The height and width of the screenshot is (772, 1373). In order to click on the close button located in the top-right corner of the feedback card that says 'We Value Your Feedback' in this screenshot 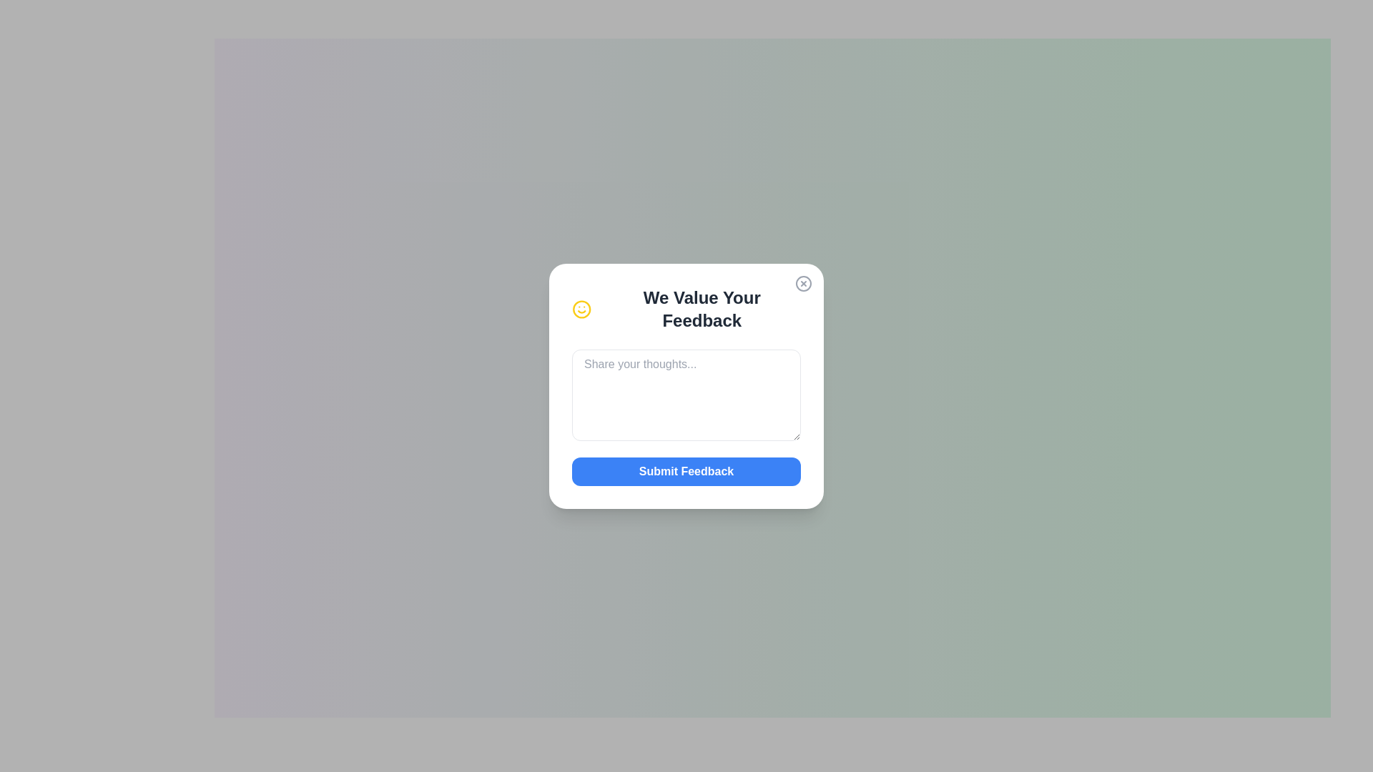, I will do `click(803, 283)`.